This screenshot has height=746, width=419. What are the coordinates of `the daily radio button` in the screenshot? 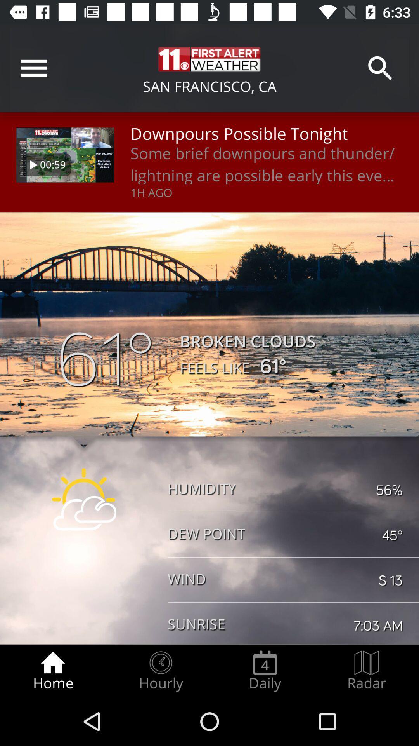 It's located at (265, 671).